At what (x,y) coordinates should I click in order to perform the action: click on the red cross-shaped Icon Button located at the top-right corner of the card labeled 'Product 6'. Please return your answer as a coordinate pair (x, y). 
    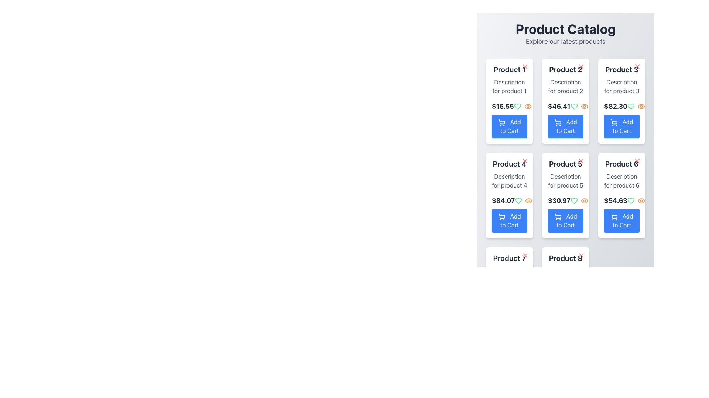
    Looking at the image, I should click on (637, 160).